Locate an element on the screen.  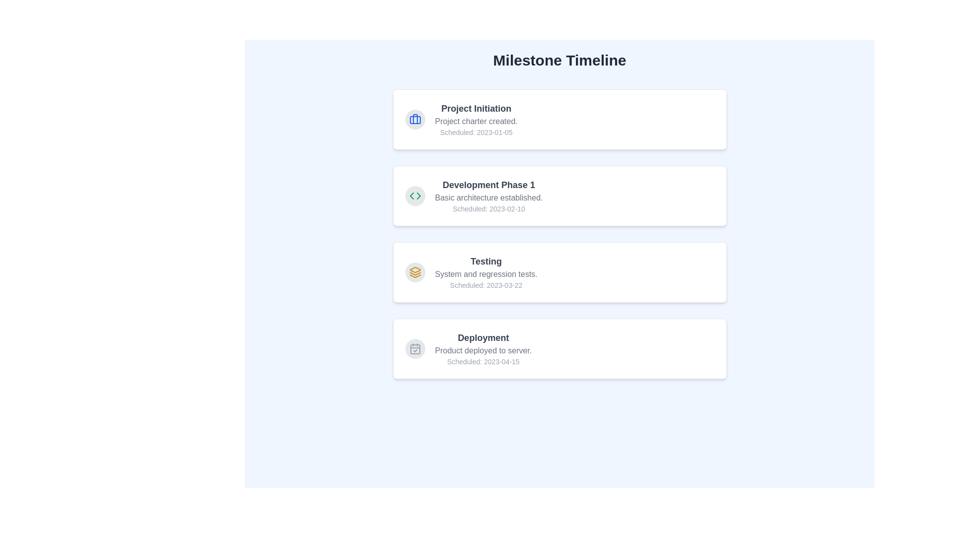
details of the milestone presented in the second Informational Card of the project timeline, located between the 'Project Initiation' card and the 'Testing' card is located at coordinates (559, 196).